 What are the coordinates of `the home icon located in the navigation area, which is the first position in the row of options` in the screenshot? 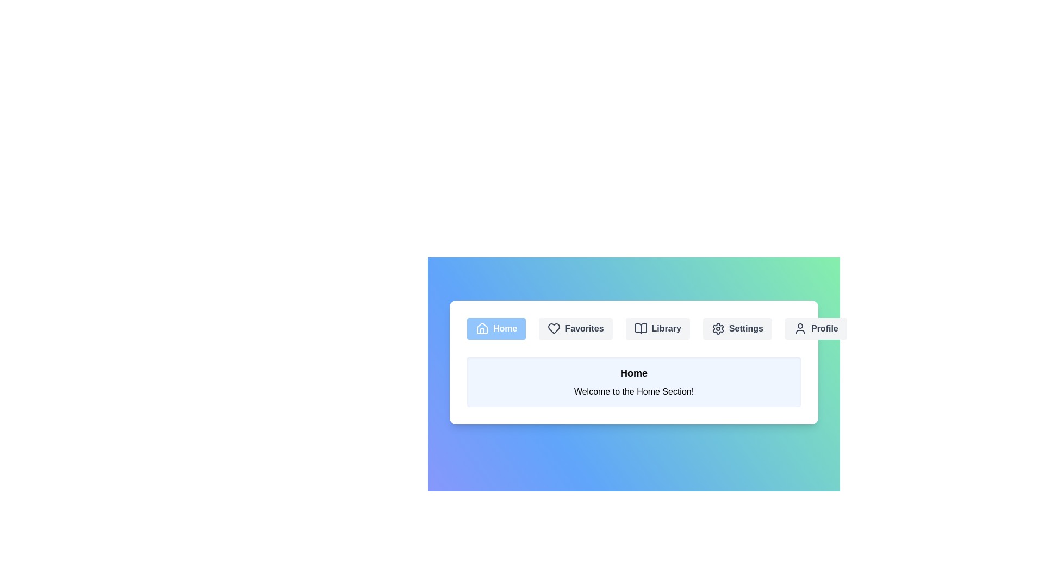 It's located at (482, 328).